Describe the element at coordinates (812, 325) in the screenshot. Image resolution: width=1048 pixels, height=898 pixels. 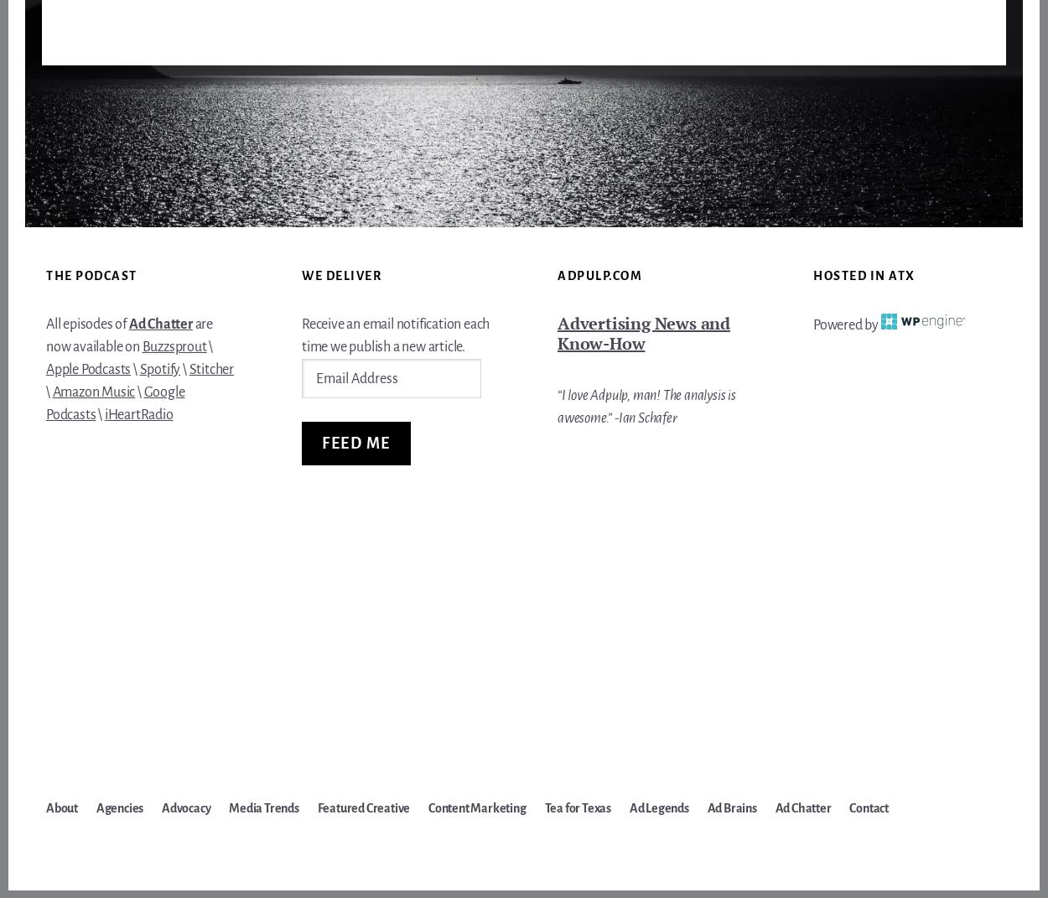
I see `'Powered by'` at that location.